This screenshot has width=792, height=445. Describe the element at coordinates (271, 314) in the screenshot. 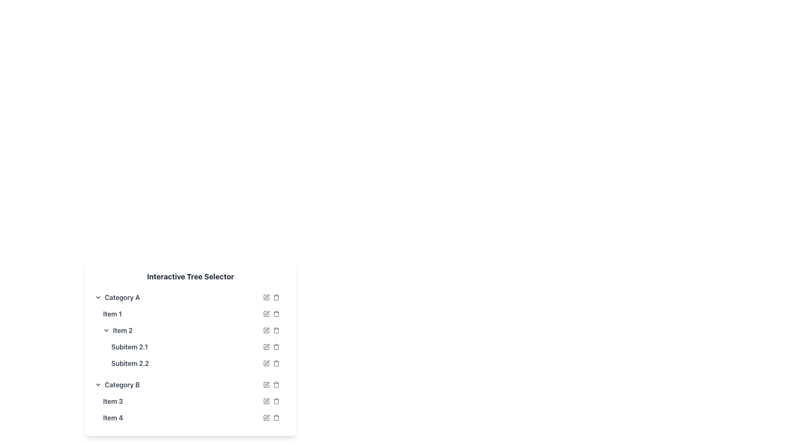

I see `the delete icon in the icon group located to the right of the text label 'Item 1'` at that location.